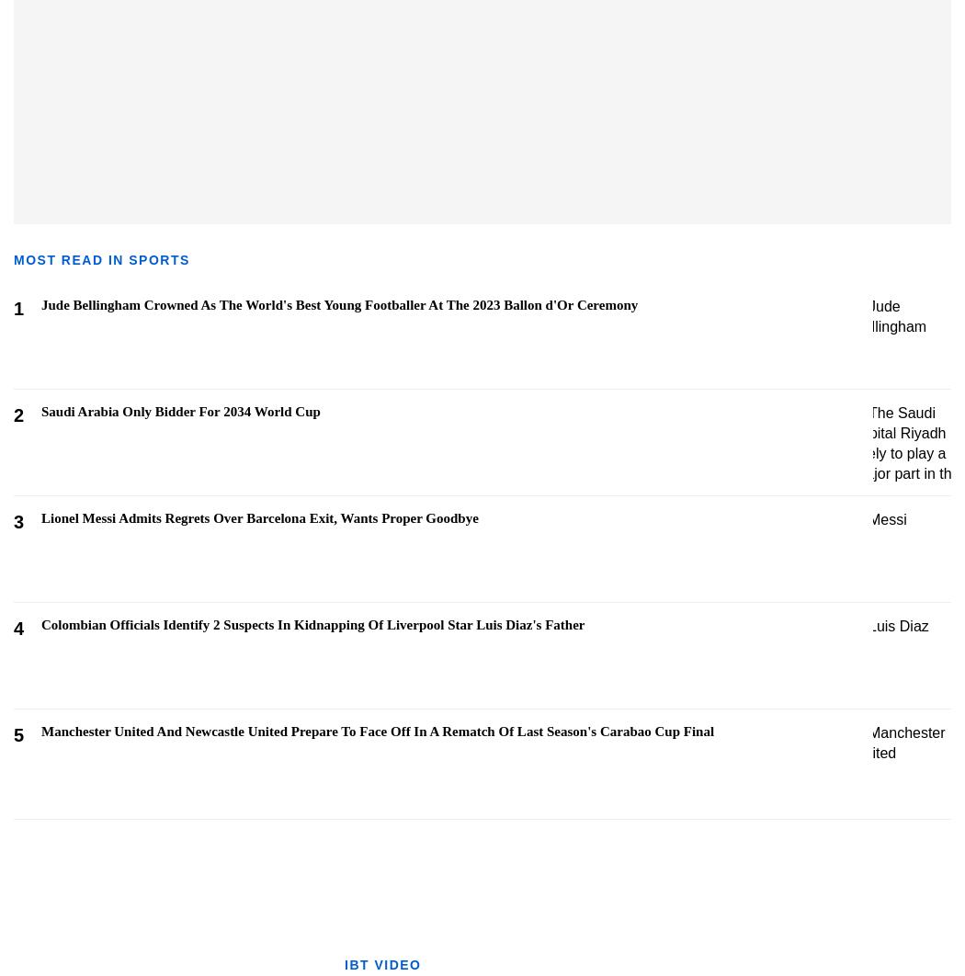 This screenshot has height=976, width=965. Describe the element at coordinates (377, 731) in the screenshot. I see `'Manchester United And Newcastle United Prepare To Face Off In A Rematch Of Last Season's Carabao Cup Final'` at that location.